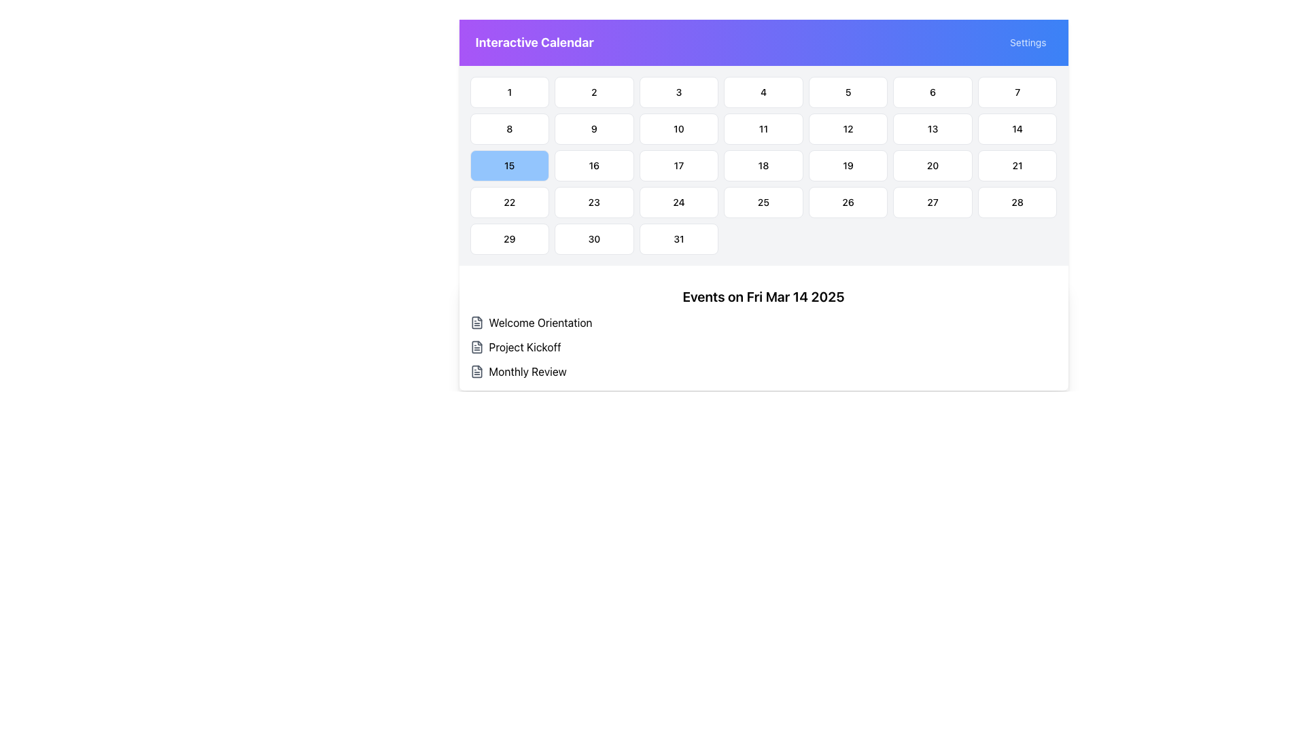  What do you see at coordinates (476, 372) in the screenshot?
I see `the icon representing the document associated with the 'Monthly Review' item, which is located to the left of the text in the list of events` at bounding box center [476, 372].